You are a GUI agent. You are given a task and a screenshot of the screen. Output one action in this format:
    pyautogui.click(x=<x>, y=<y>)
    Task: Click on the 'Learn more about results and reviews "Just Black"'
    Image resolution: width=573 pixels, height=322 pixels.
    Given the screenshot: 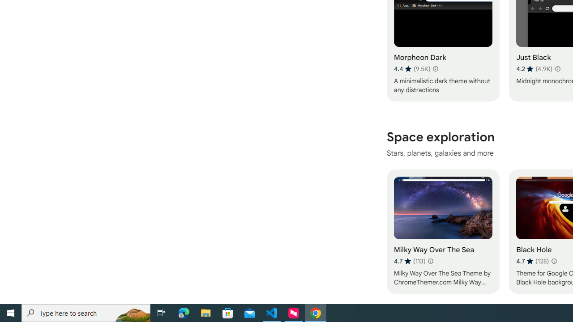 What is the action you would take?
    pyautogui.click(x=556, y=68)
    